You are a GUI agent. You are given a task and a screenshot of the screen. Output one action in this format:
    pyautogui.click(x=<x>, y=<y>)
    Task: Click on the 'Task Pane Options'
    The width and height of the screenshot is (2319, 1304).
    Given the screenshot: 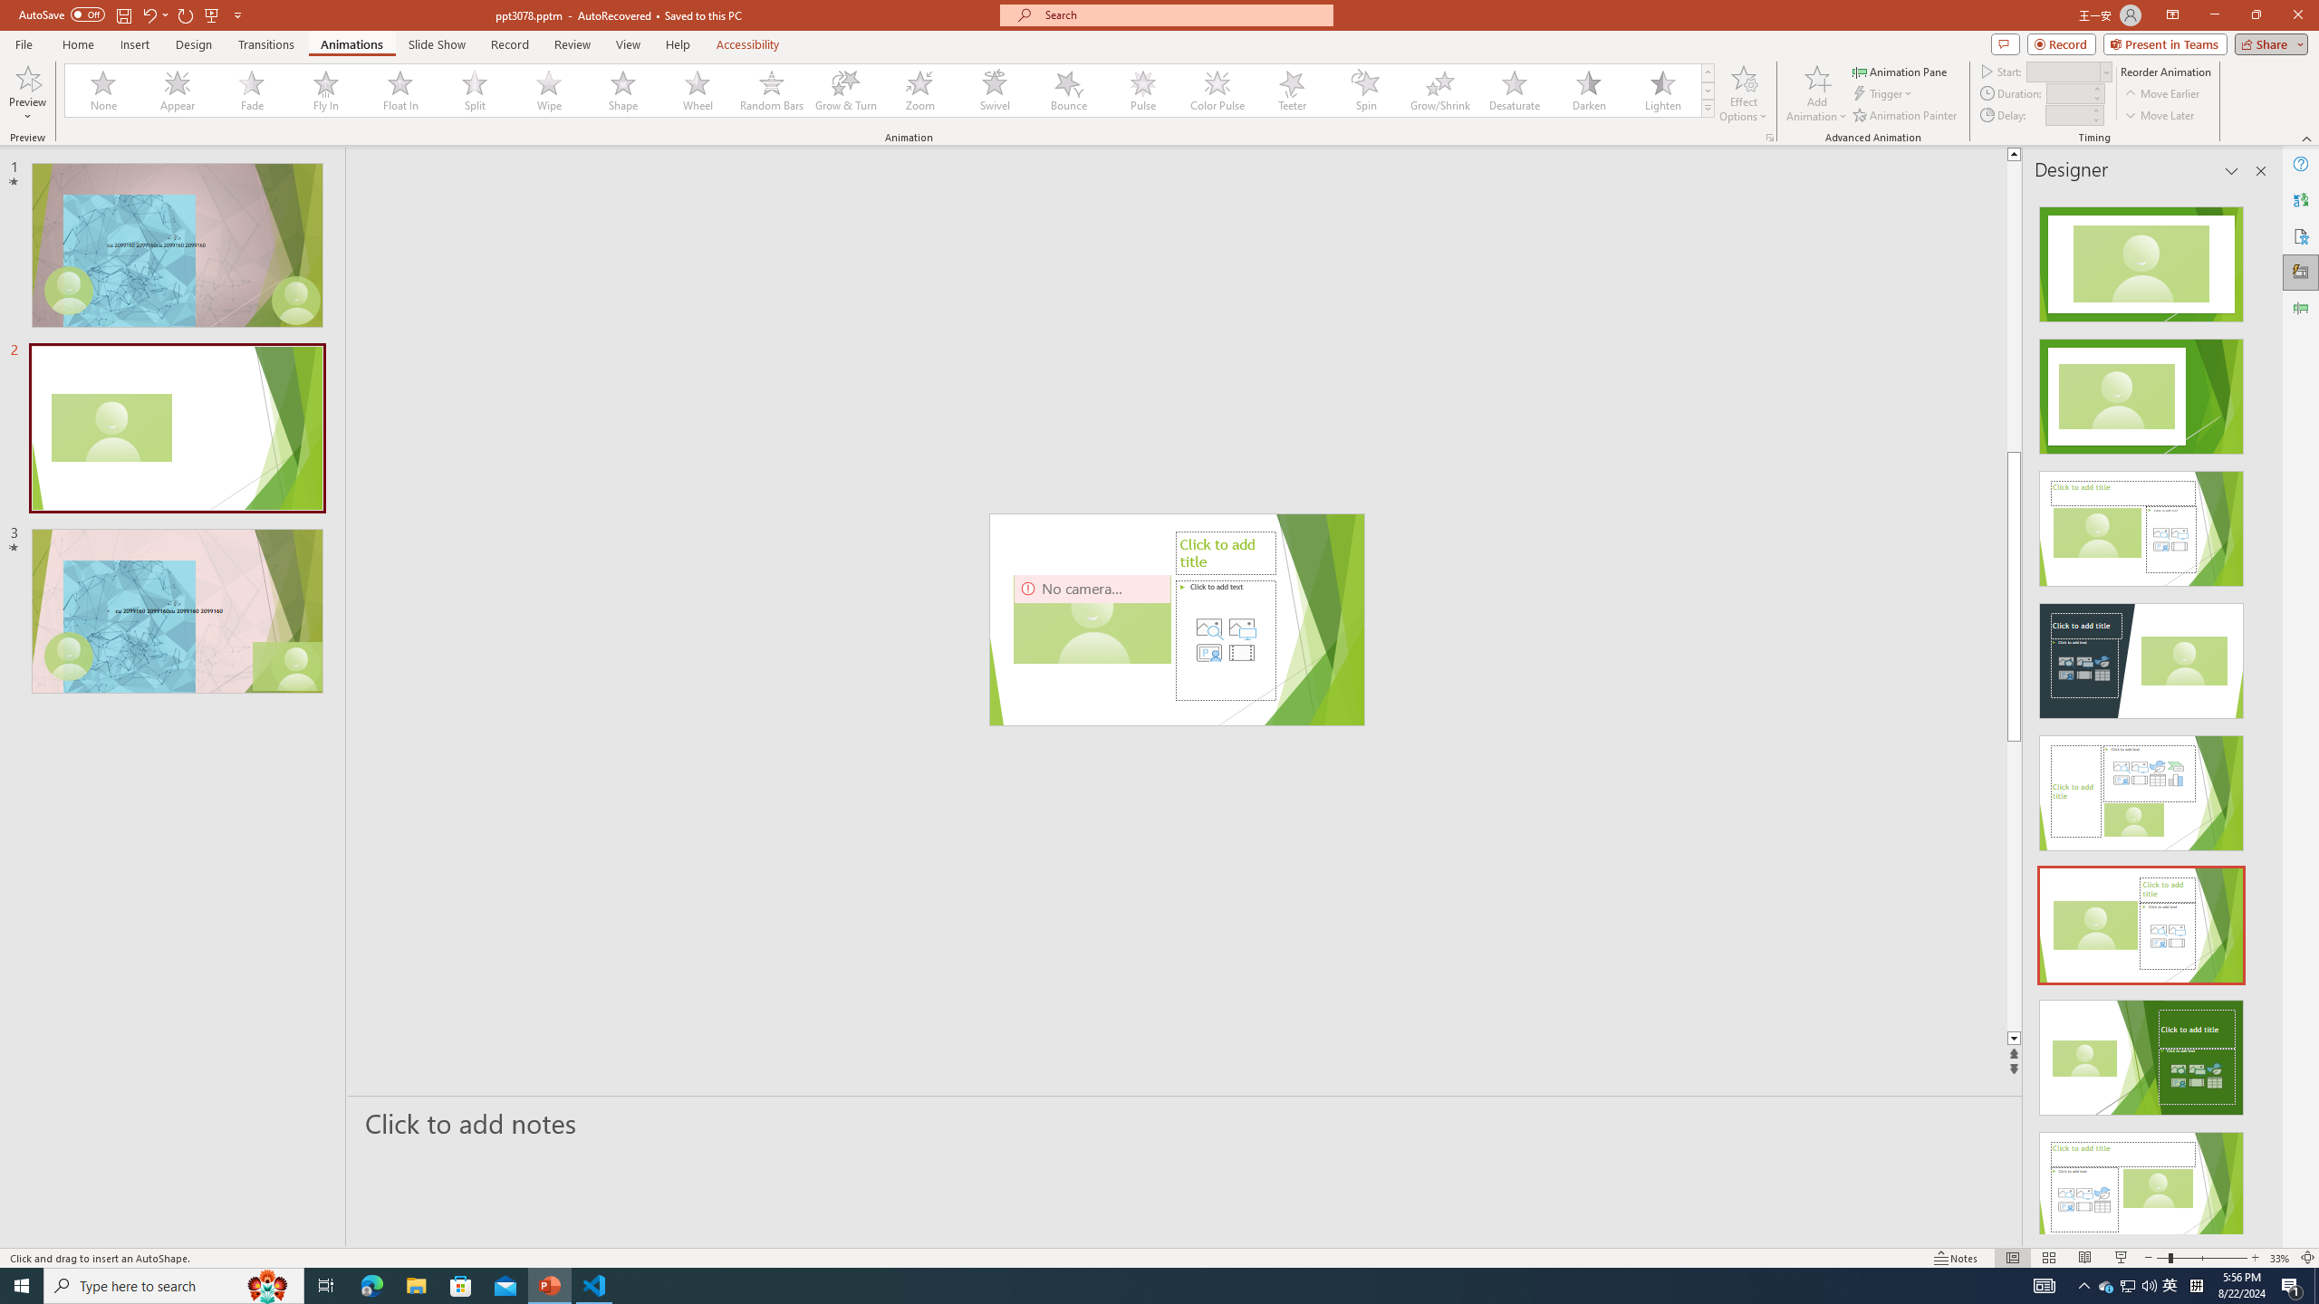 What is the action you would take?
    pyautogui.click(x=2231, y=170)
    